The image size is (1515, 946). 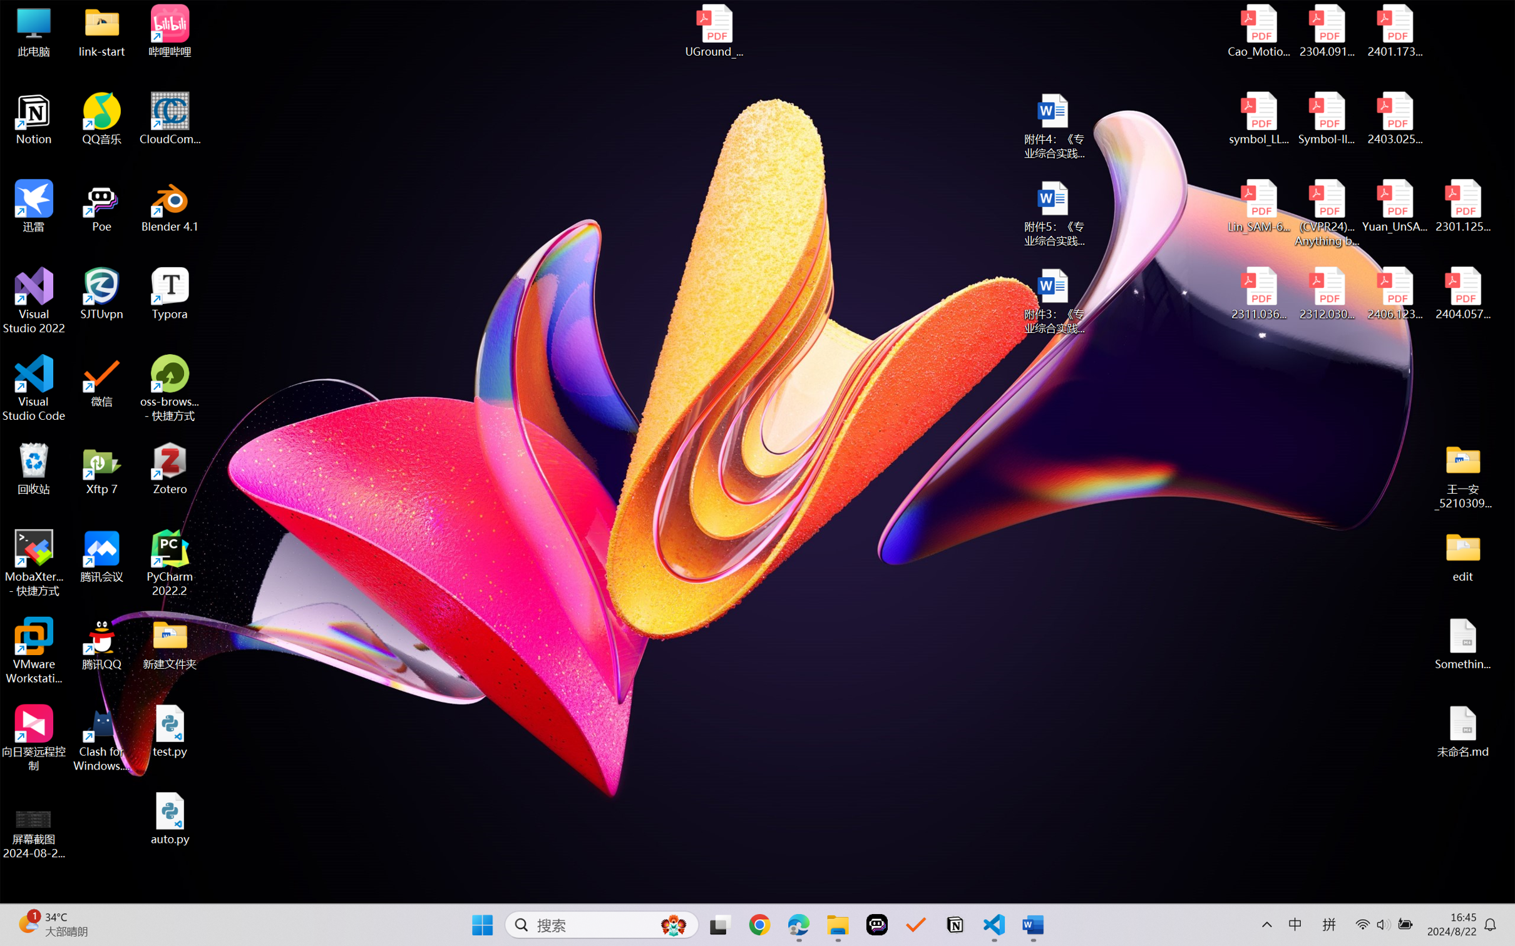 I want to click on '2401.17399v1.pdf', so click(x=1394, y=31).